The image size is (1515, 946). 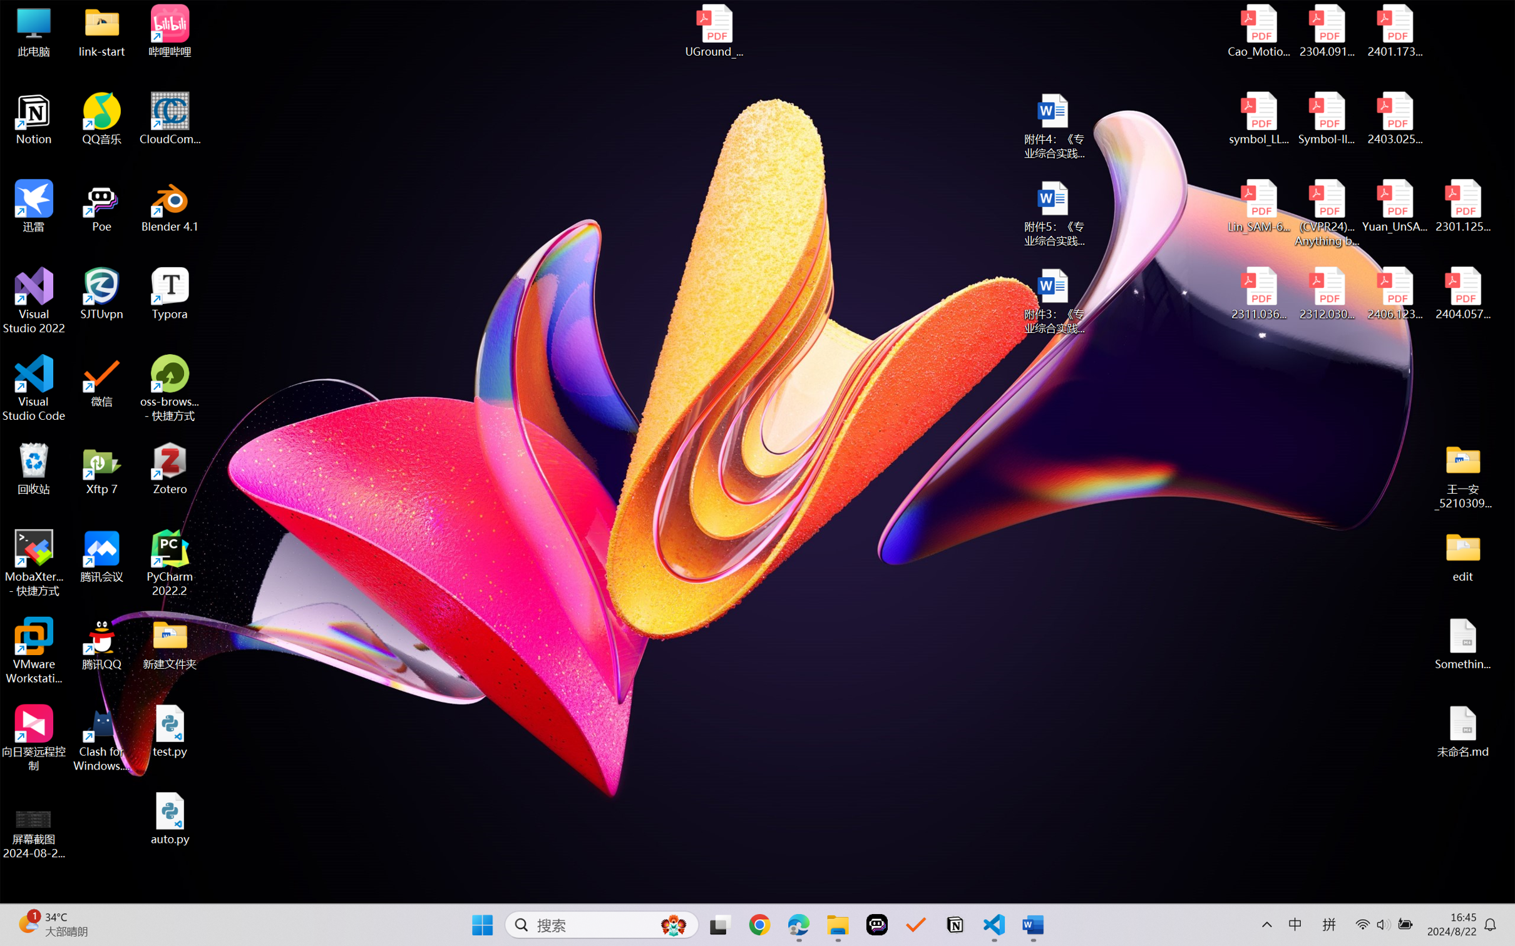 I want to click on '2401.17399v1.pdf', so click(x=1394, y=31).